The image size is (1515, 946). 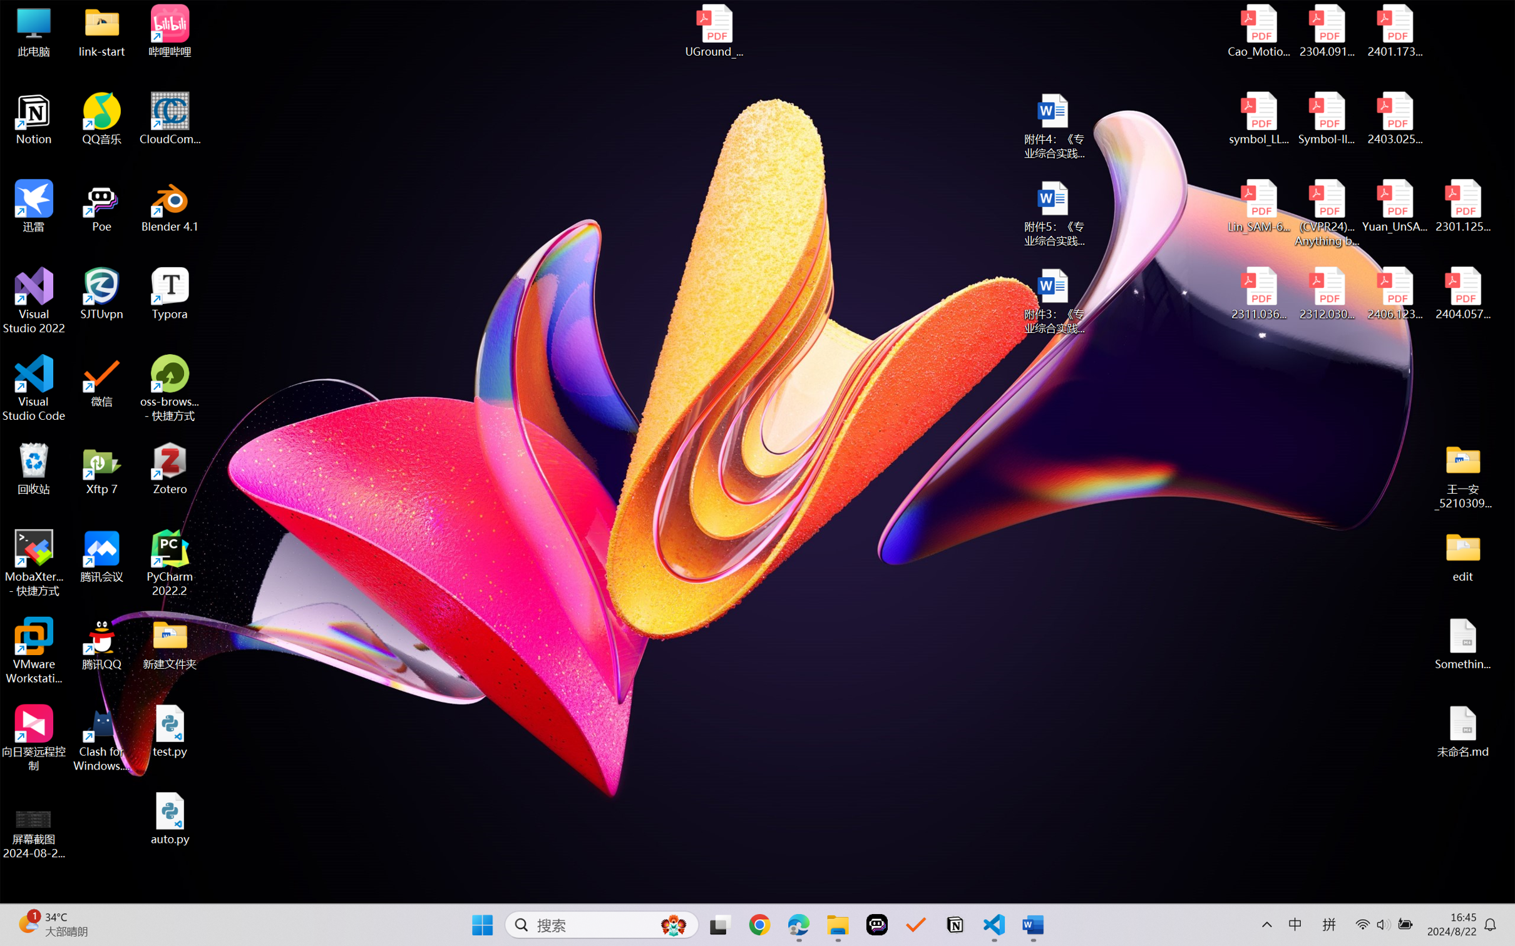 I want to click on '2401.17399v1.pdf', so click(x=1394, y=31).